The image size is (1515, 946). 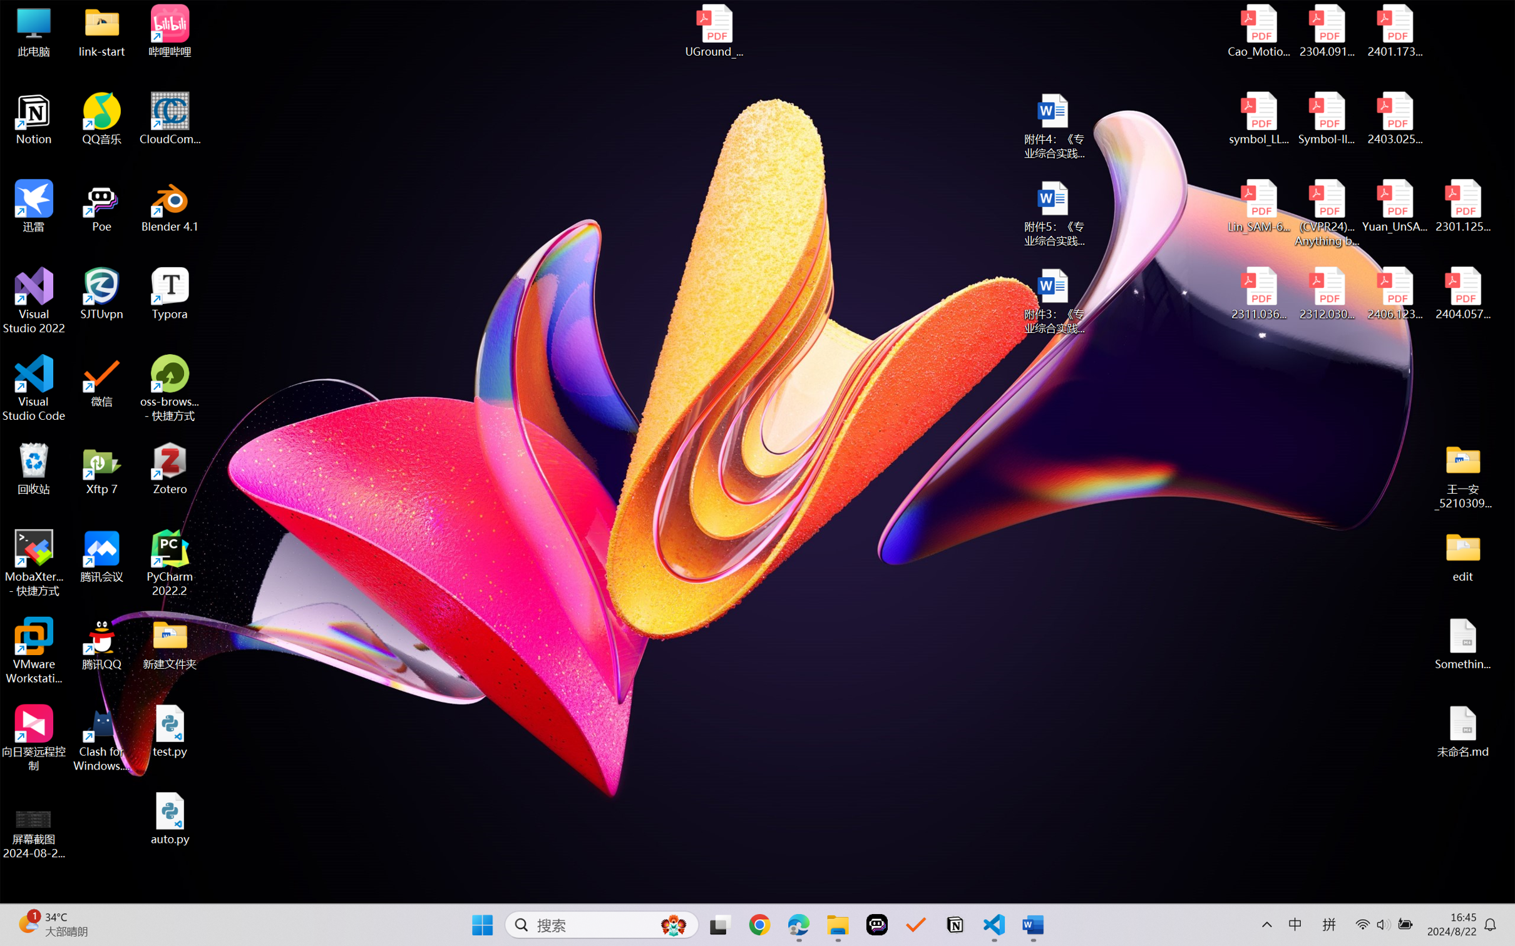 I want to click on '2401.17399v1.pdf', so click(x=1394, y=31).